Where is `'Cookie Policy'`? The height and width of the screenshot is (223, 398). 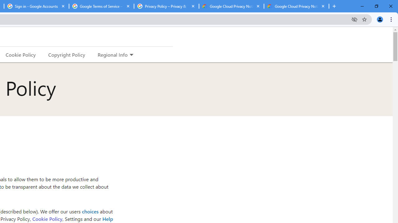 'Cookie Policy' is located at coordinates (47, 218).